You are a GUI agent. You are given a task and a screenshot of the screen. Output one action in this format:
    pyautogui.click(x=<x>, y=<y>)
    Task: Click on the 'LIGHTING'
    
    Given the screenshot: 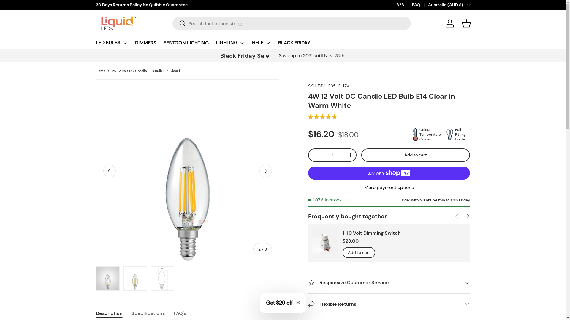 What is the action you would take?
    pyautogui.click(x=229, y=42)
    